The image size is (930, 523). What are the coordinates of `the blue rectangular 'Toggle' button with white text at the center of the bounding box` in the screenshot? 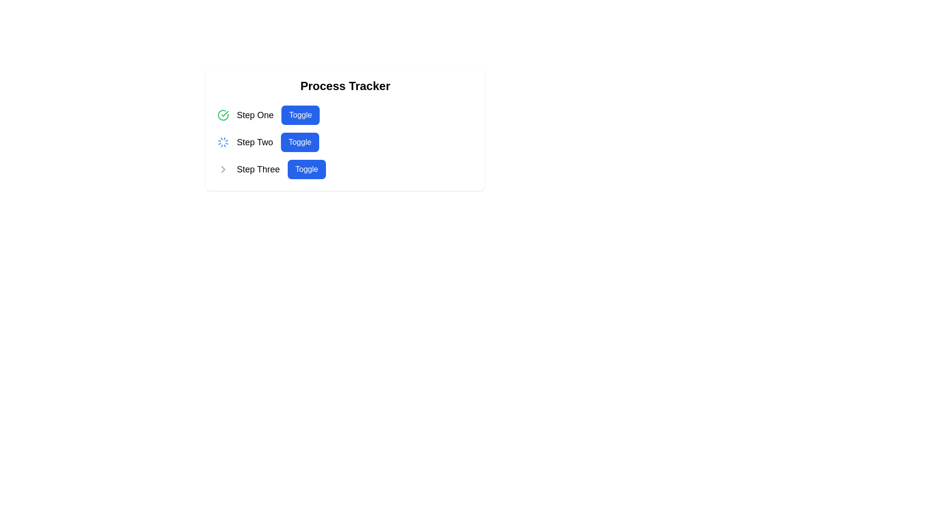 It's located at (306, 169).